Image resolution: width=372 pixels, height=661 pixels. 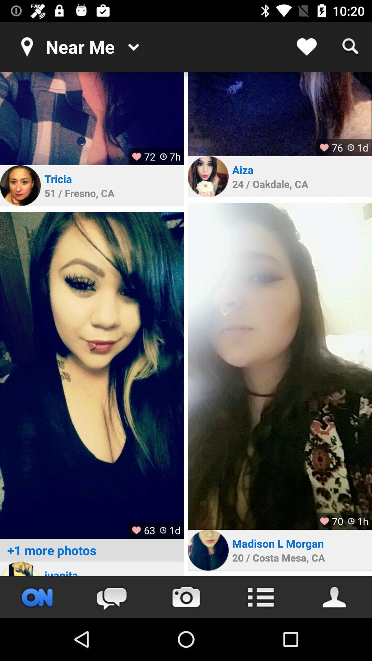 What do you see at coordinates (334, 597) in the screenshot?
I see `contact list` at bounding box center [334, 597].